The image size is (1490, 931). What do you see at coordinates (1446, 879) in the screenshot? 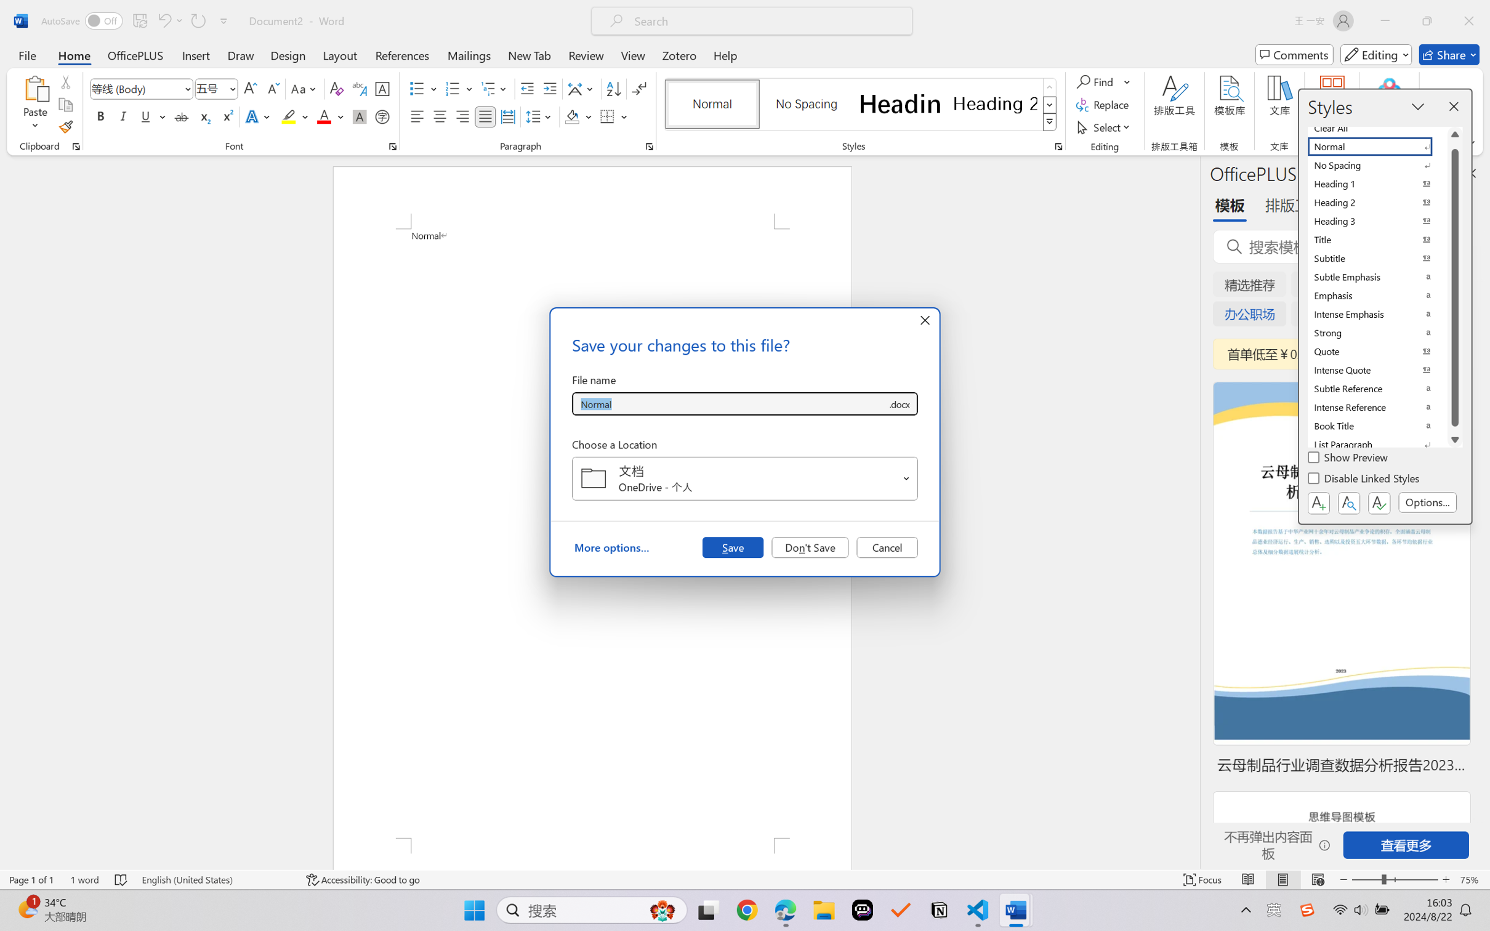
I see `'Zoom In'` at bounding box center [1446, 879].